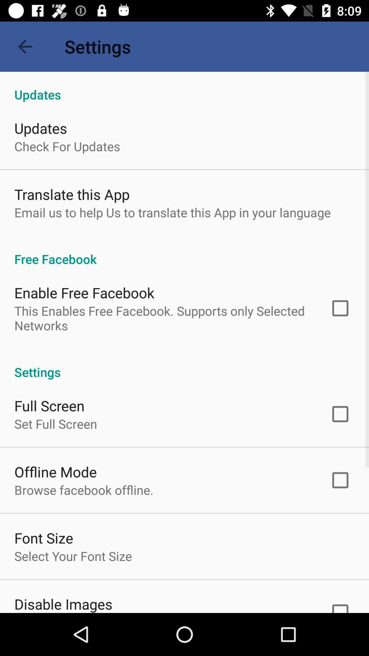  Describe the element at coordinates (172, 212) in the screenshot. I see `email us to app` at that location.